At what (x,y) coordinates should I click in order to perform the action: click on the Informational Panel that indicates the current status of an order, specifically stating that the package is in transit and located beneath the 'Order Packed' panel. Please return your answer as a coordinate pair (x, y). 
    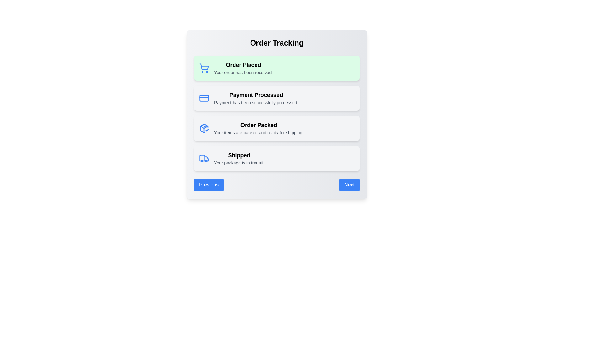
    Looking at the image, I should click on (277, 158).